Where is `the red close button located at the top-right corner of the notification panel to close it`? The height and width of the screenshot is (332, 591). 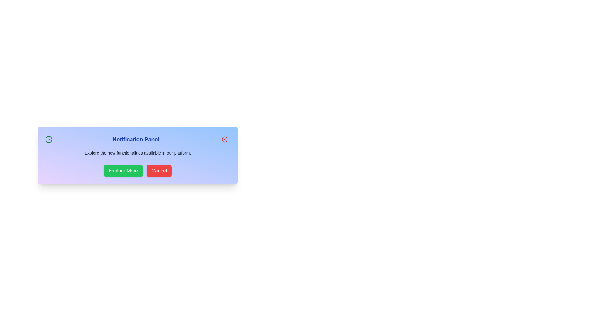 the red close button located at the top-right corner of the notification panel to close it is located at coordinates (224, 140).